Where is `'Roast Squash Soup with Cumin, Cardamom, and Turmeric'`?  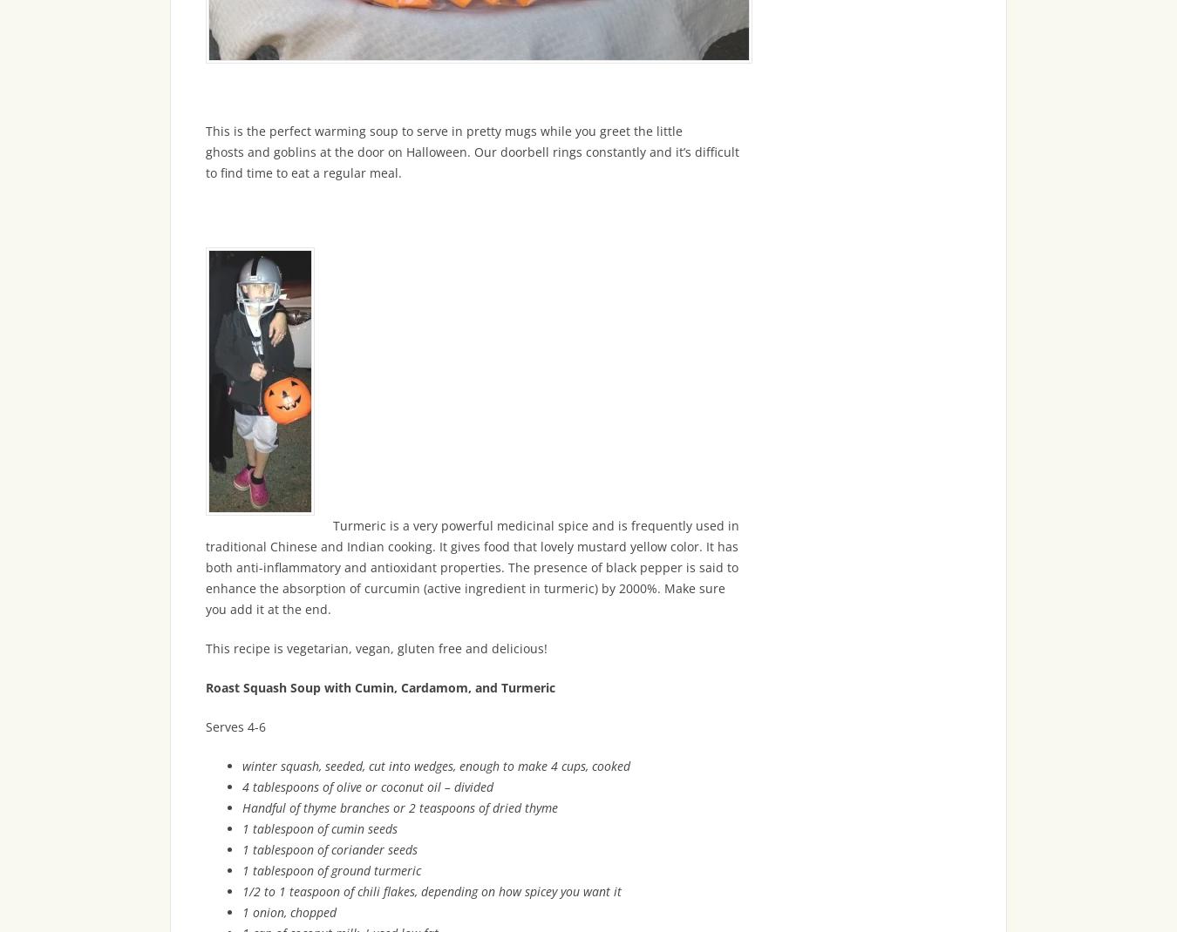 'Roast Squash Soup with Cumin, Cardamom, and Turmeric' is located at coordinates (380, 686).